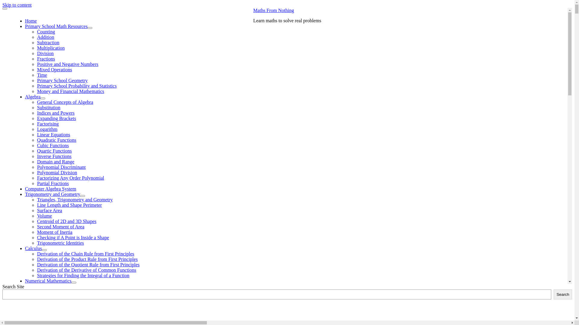  I want to click on 'open child menu', so click(44, 250).